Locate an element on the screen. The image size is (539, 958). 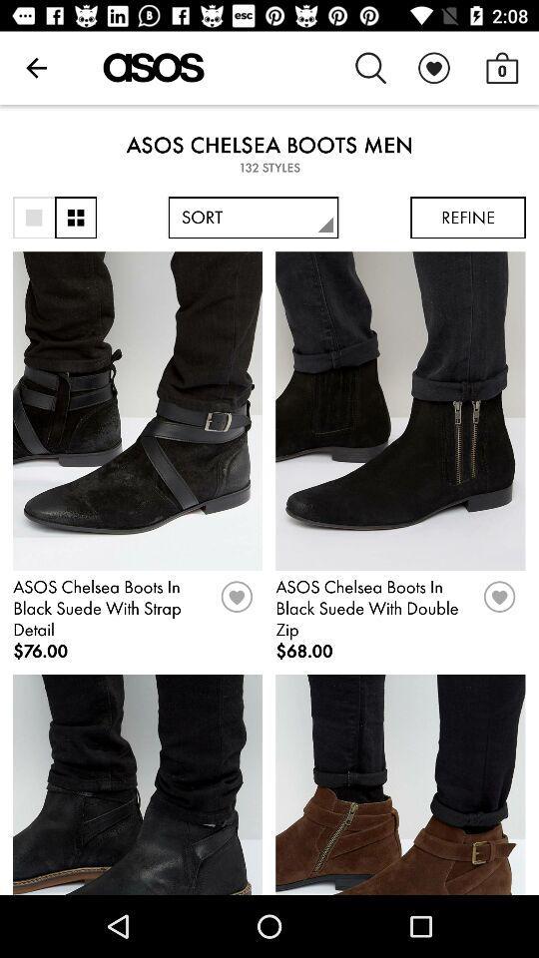
one item only is located at coordinates (33, 218).